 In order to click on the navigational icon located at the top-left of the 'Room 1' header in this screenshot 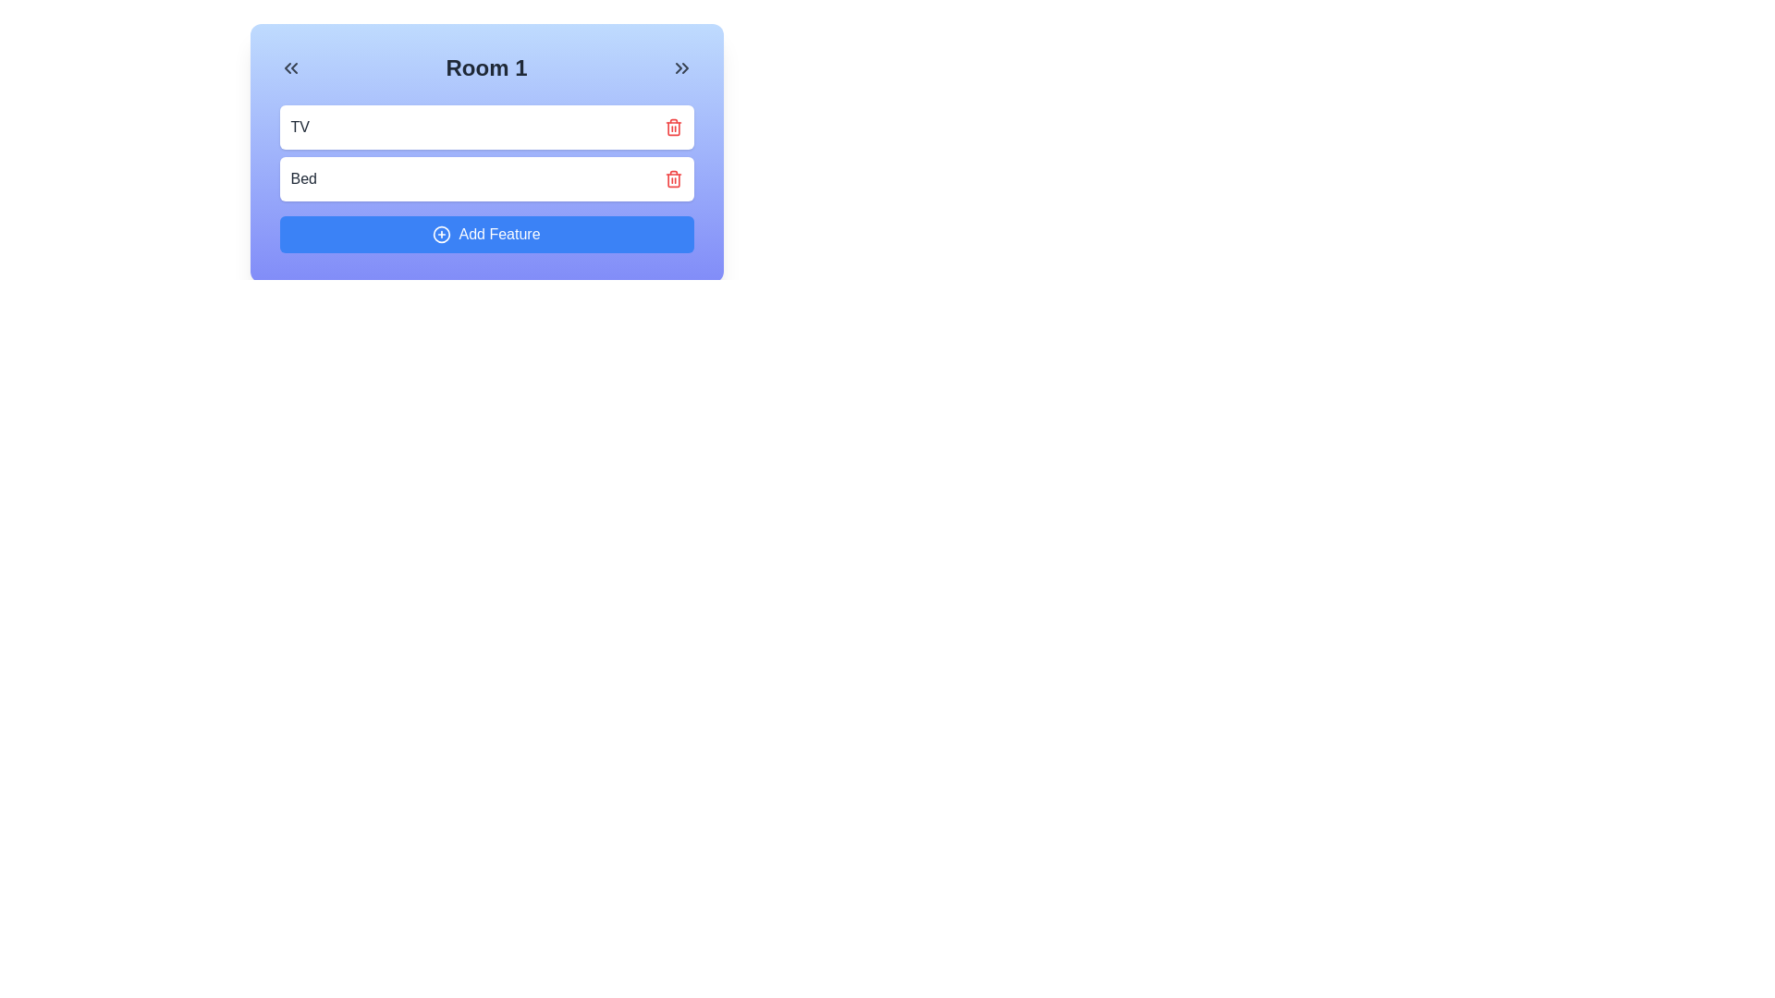, I will do `click(289, 67)`.